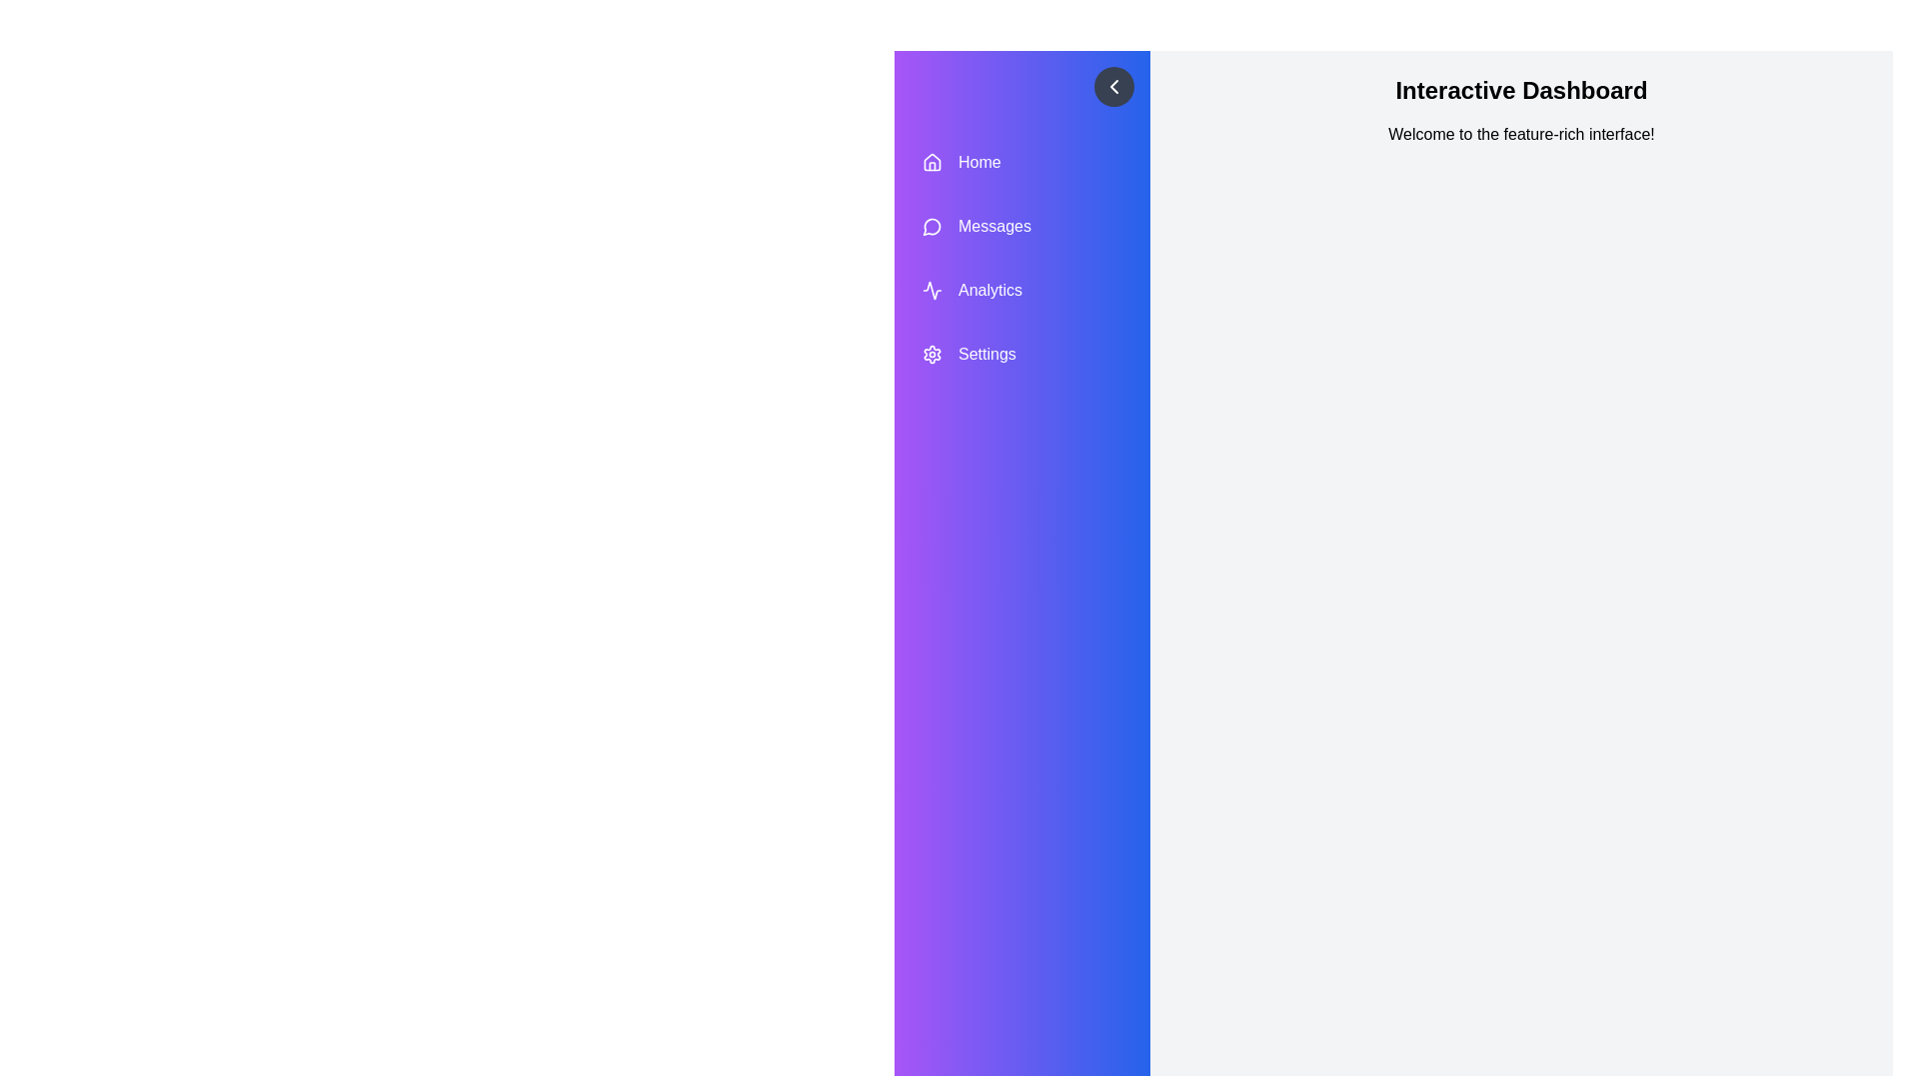 Image resolution: width=1919 pixels, height=1079 pixels. I want to click on the menu item Settings to highlight it visually, so click(1021, 353).